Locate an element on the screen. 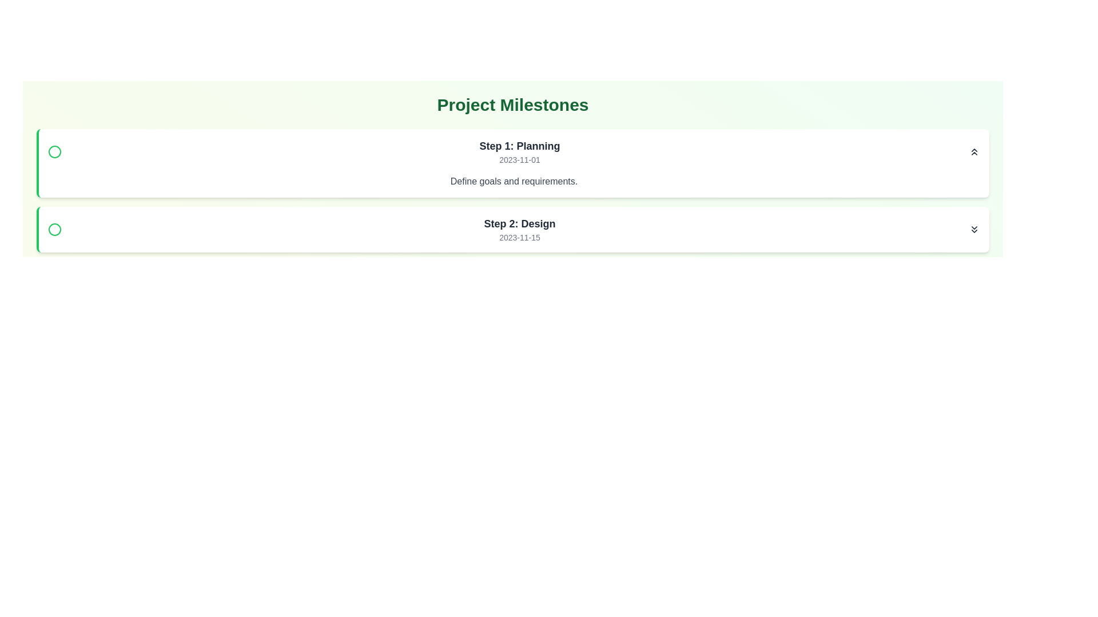 The image size is (1098, 617). the circular icon with a green outline located near the left side of the section labeled 'Step 2: Design' and '2023-11-15' is located at coordinates (54, 229).